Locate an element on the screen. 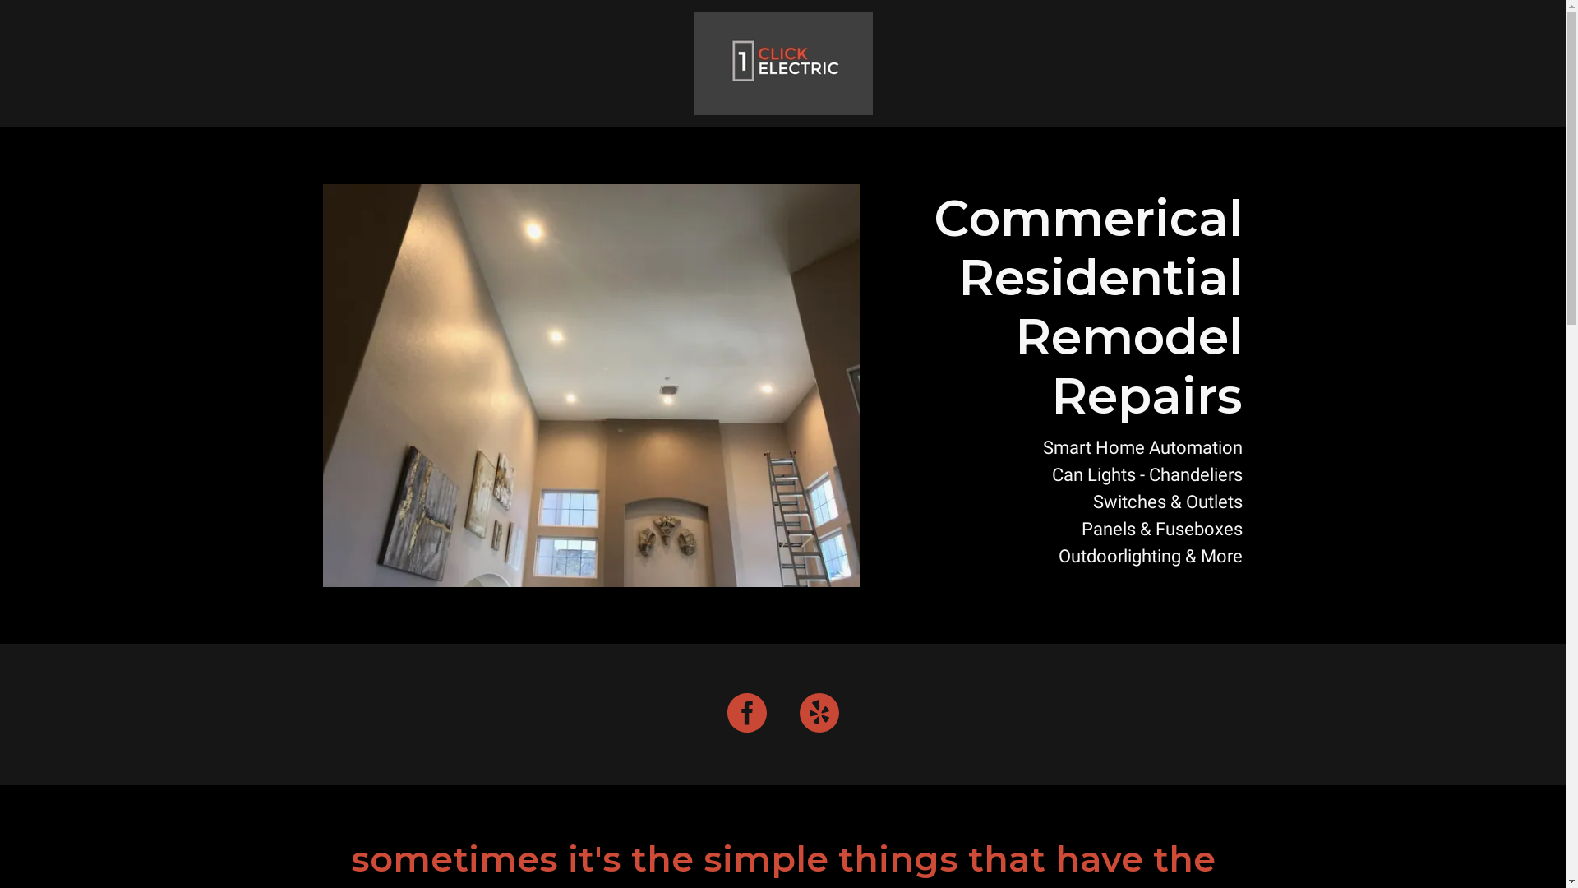 The width and height of the screenshot is (1578, 888). '               ' is located at coordinates (782, 62).